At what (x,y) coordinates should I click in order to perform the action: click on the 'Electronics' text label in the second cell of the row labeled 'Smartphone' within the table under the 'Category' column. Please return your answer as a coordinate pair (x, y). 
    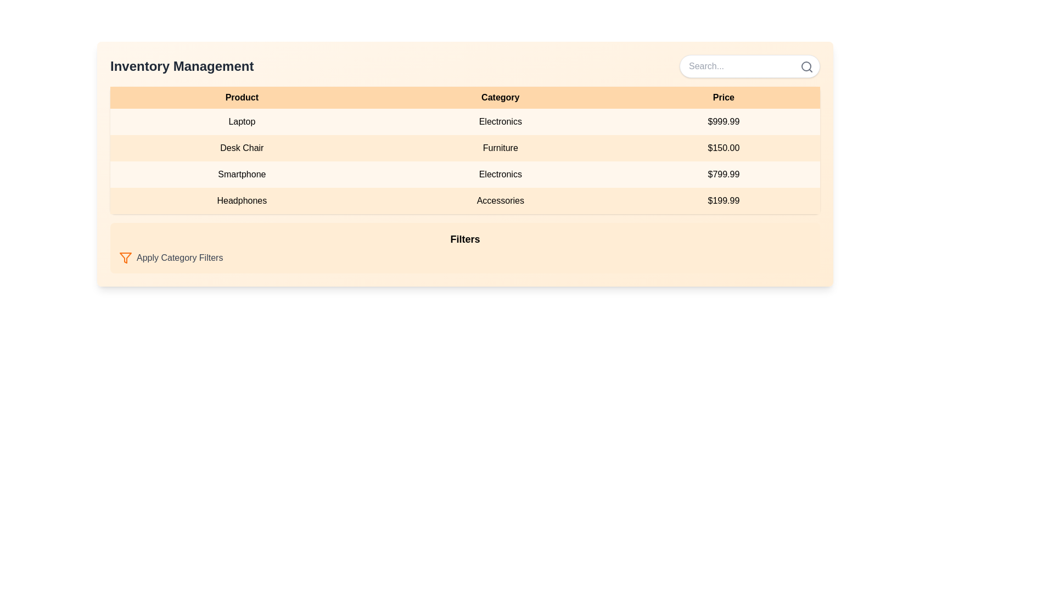
    Looking at the image, I should click on (500, 174).